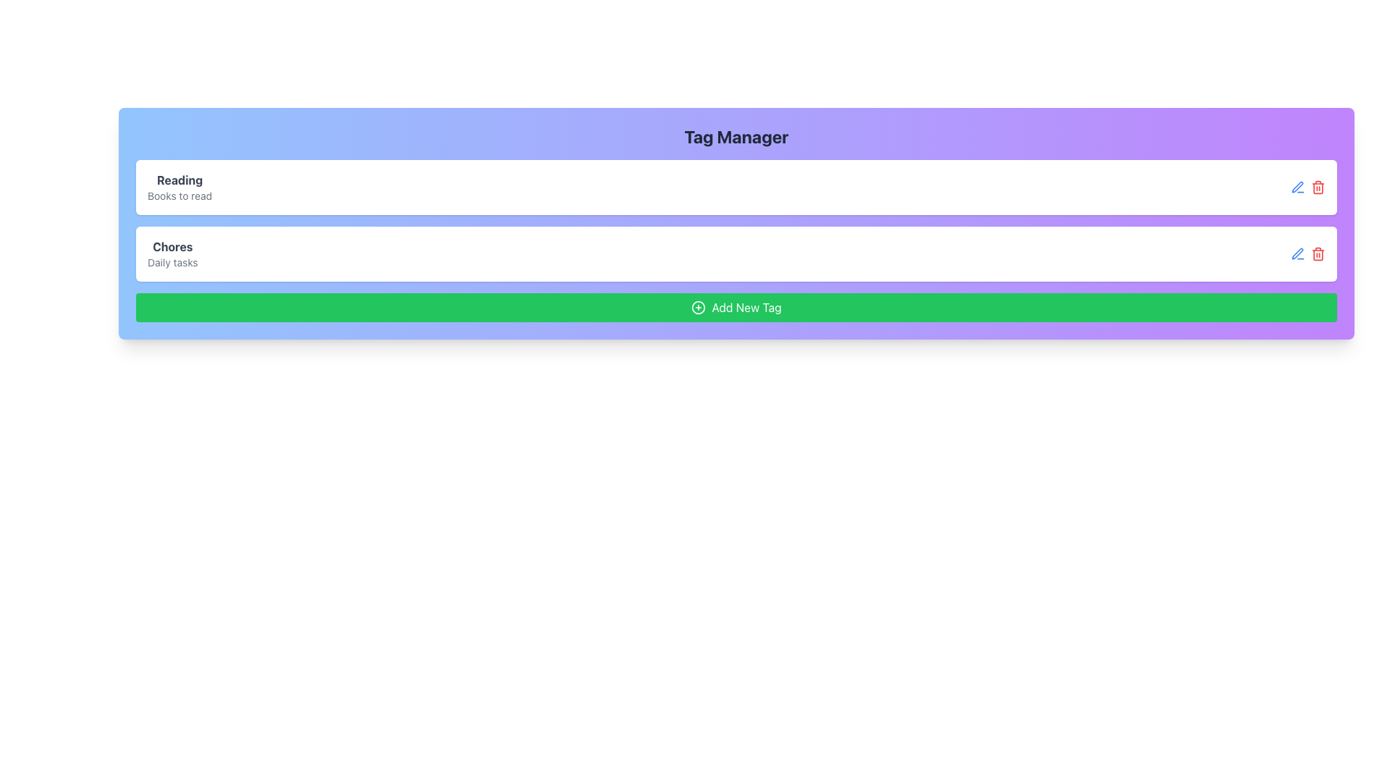 The width and height of the screenshot is (1390, 782). What do you see at coordinates (179, 186) in the screenshot?
I see `the informational label indicating the 'Reading' tag entry with subtext 'Books to read', located at the top of the 'Tag Manager' section within a white rounded rectangle` at bounding box center [179, 186].